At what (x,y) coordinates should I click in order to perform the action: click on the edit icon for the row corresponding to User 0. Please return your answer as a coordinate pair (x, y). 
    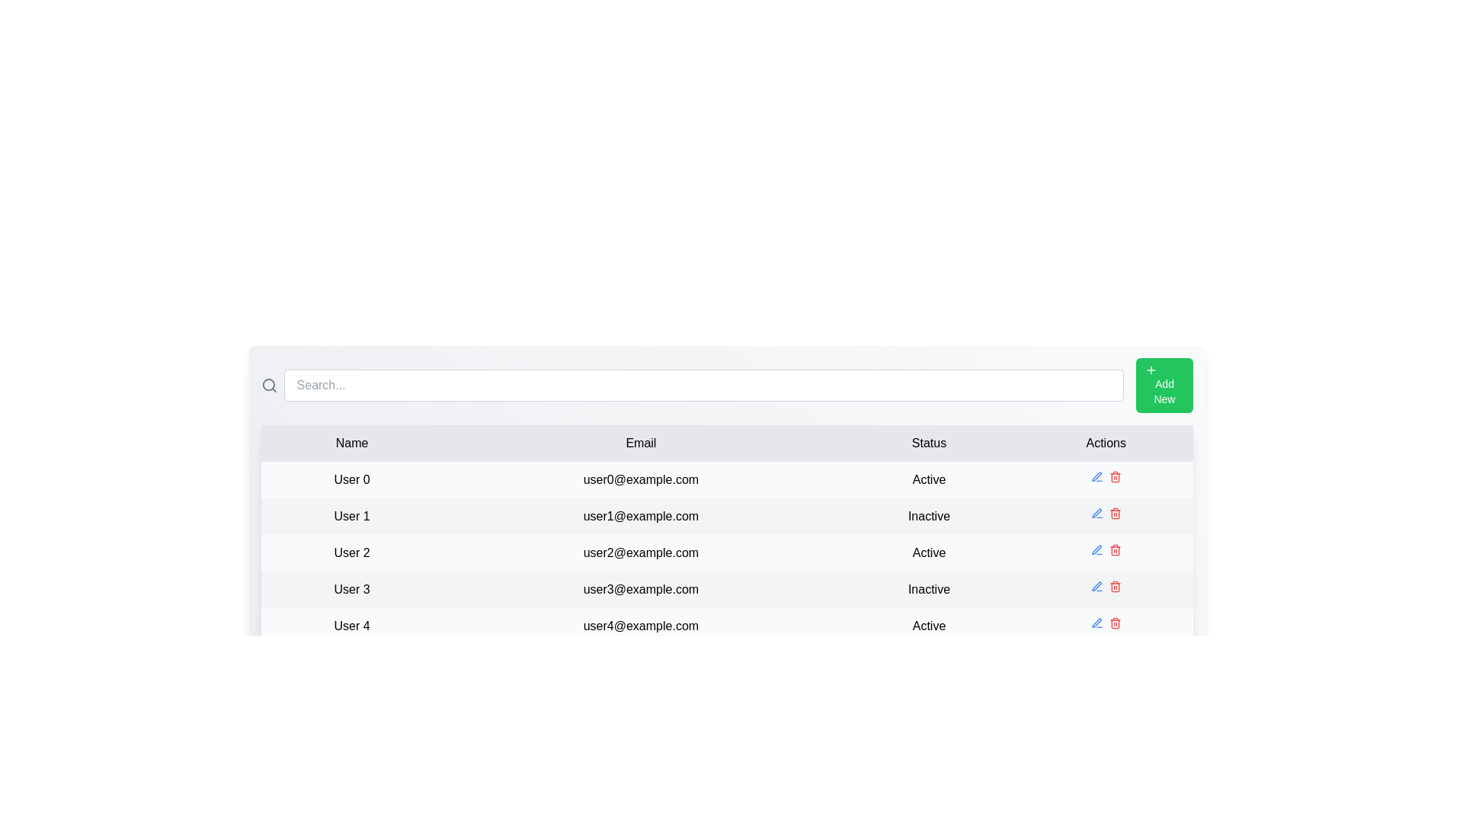
    Looking at the image, I should click on (1096, 476).